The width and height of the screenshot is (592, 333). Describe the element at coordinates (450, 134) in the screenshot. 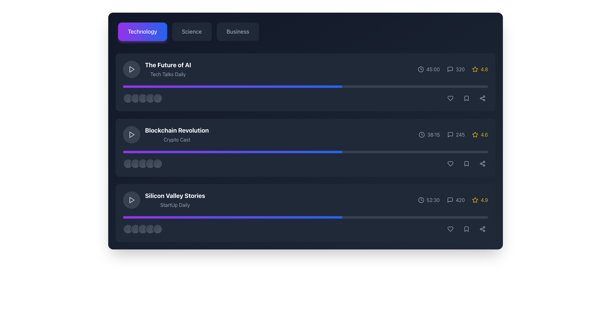

I see `the comment icon representing the messaging feature related to the 'Blockchain Revolution' podcast listing, located in the right-central area of the interface` at that location.